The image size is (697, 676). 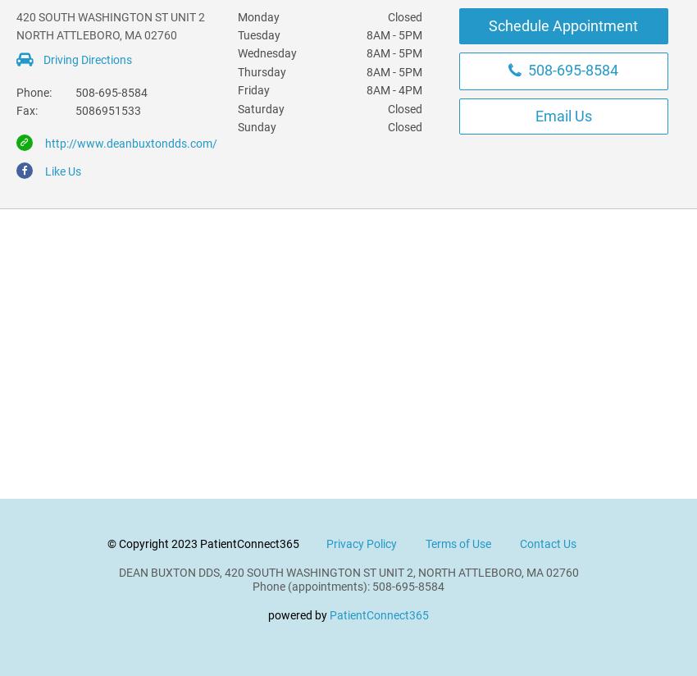 I want to click on 'DEAN BUXTON DDS,', so click(x=168, y=572).